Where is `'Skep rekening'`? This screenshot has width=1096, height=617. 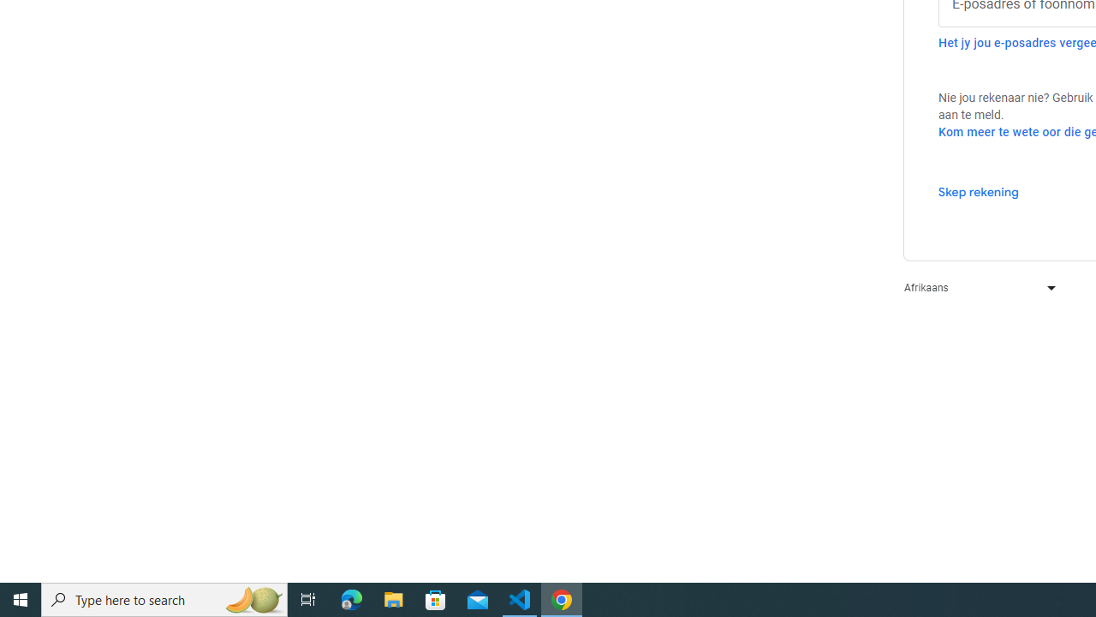
'Skep rekening' is located at coordinates (978, 191).